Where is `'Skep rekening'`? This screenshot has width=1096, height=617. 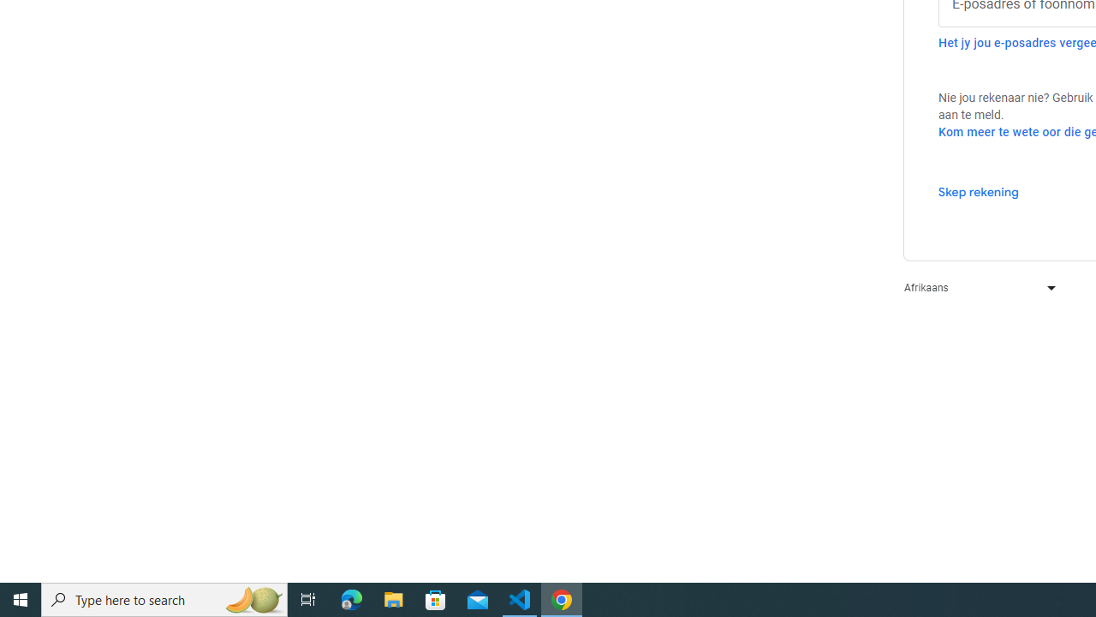
'Skep rekening' is located at coordinates (978, 191).